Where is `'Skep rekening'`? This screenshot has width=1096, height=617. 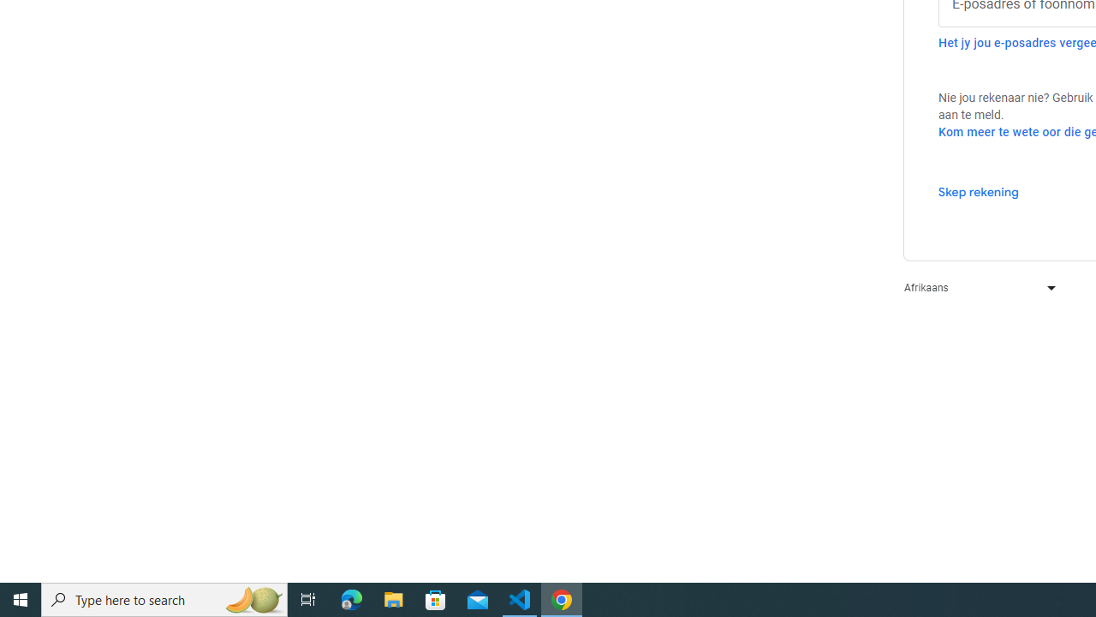
'Skep rekening' is located at coordinates (978, 191).